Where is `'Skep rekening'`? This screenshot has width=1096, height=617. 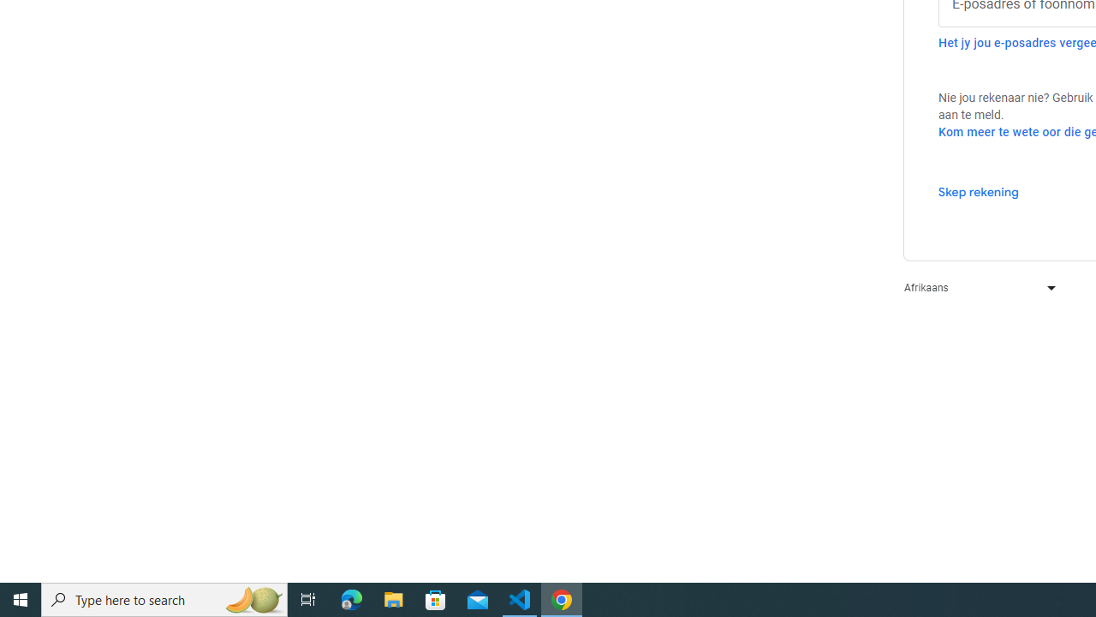
'Skep rekening' is located at coordinates (978, 191).